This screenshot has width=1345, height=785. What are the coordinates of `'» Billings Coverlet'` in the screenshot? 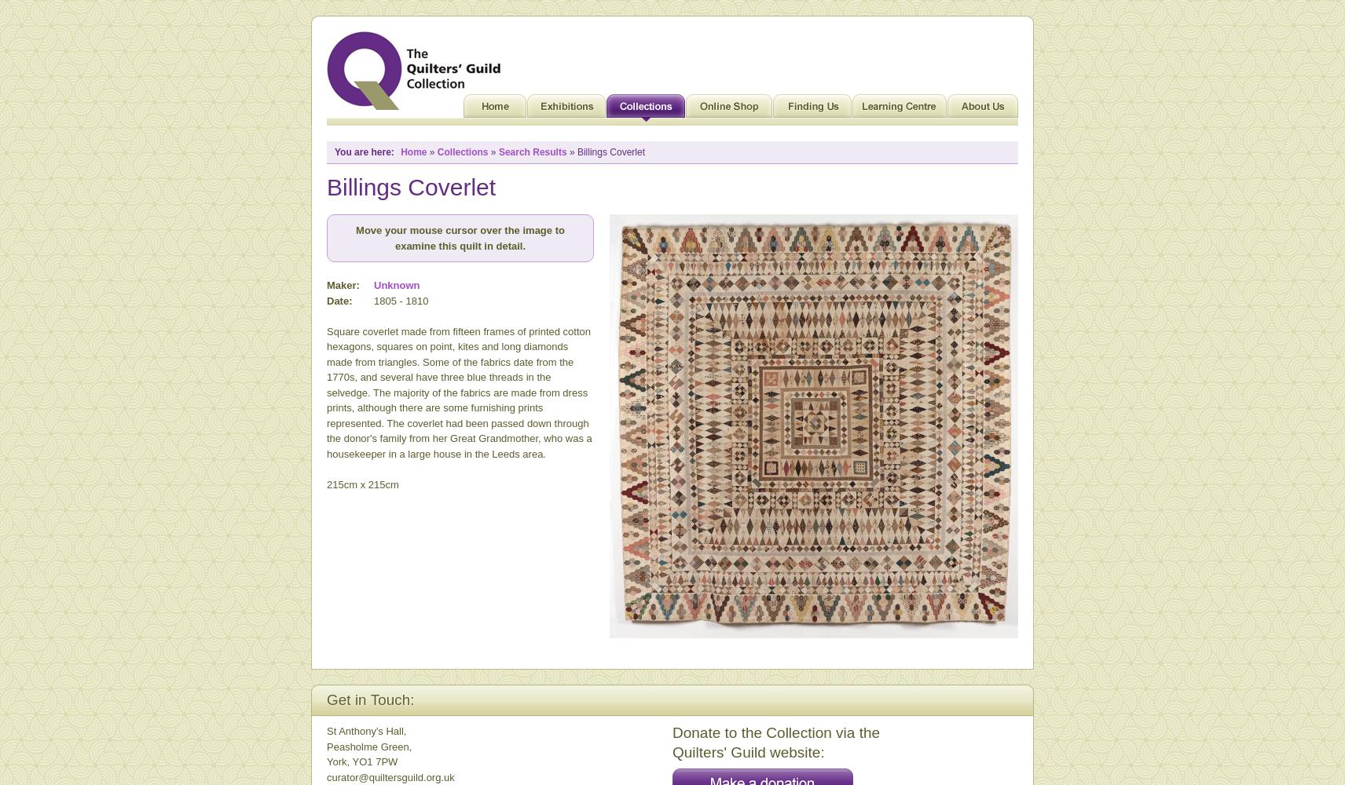 It's located at (566, 152).